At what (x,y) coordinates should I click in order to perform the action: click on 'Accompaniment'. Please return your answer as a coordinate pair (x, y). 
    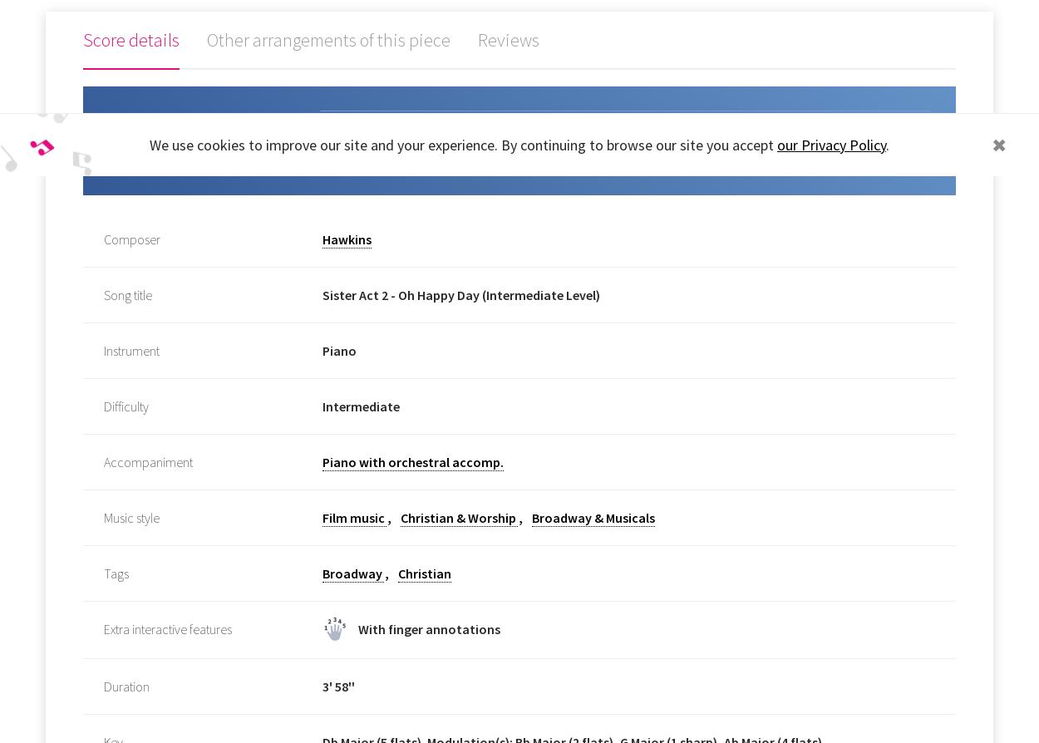
    Looking at the image, I should click on (148, 461).